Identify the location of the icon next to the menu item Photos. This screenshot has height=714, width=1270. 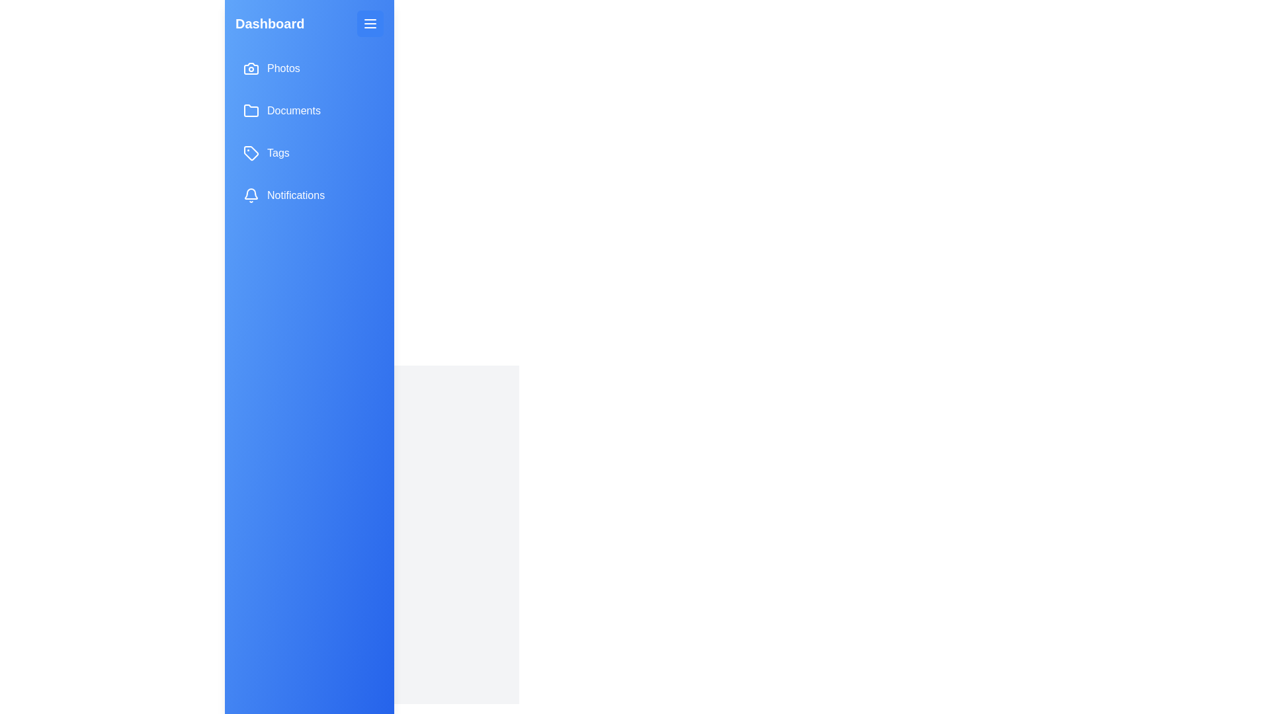
(251, 69).